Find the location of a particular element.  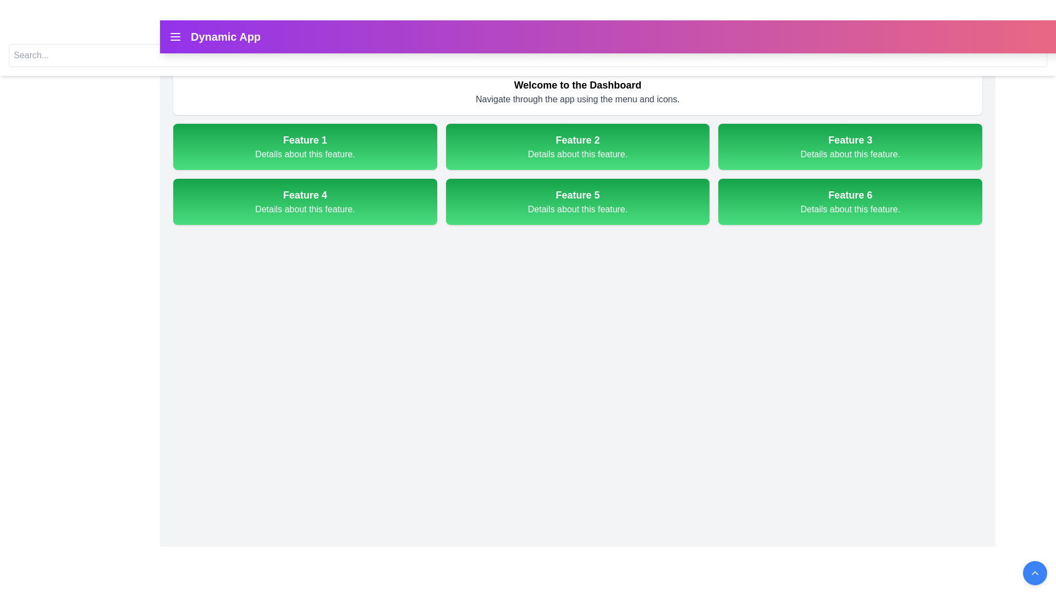

the non-interactive descriptive element displaying information about 'Feature 3', which is the third item in the first row of a grid layout is located at coordinates (850, 146).